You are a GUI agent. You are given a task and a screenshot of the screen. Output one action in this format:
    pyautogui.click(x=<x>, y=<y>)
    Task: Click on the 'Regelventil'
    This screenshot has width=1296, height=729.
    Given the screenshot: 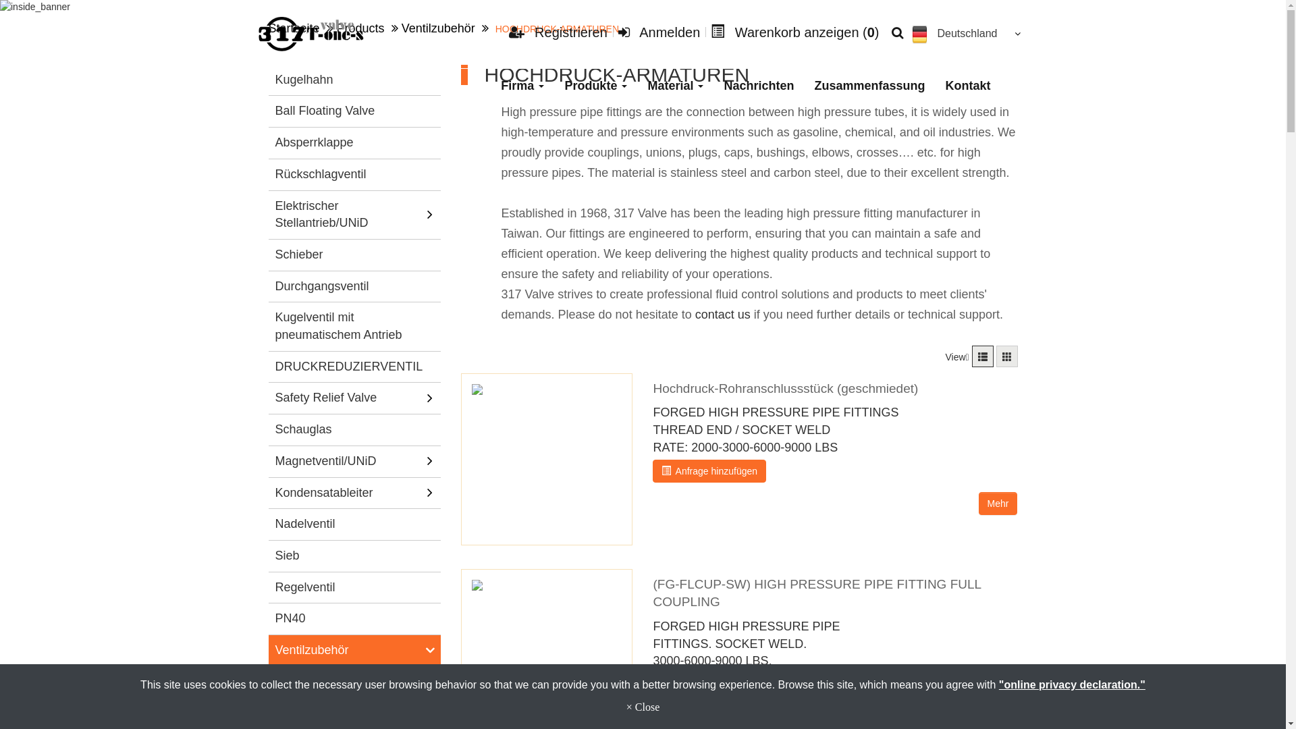 What is the action you would take?
    pyautogui.click(x=354, y=587)
    